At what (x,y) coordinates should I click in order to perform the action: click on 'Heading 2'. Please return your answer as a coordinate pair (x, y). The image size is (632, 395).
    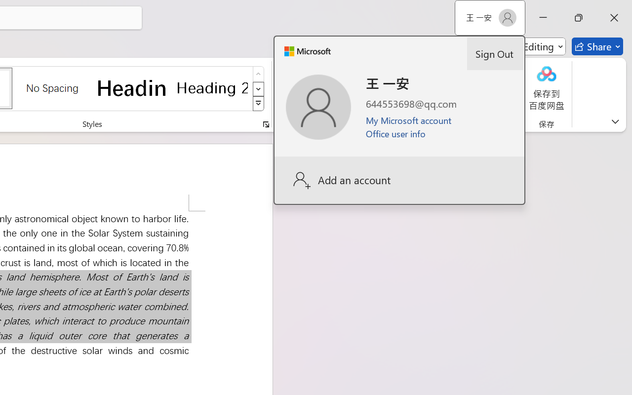
    Looking at the image, I should click on (212, 87).